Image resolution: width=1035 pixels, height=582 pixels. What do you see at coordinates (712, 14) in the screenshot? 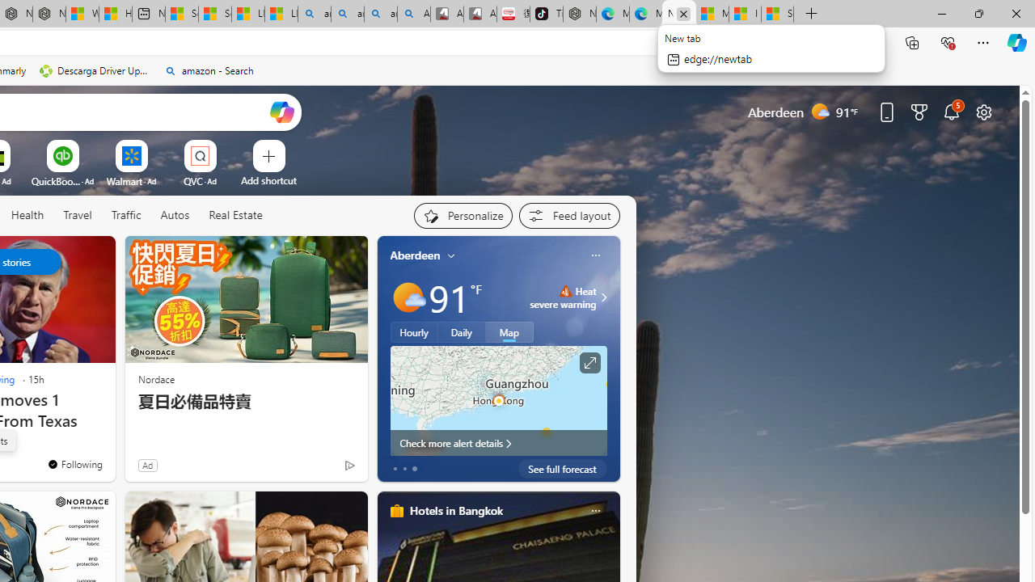
I see `'Microsoft Start'` at bounding box center [712, 14].